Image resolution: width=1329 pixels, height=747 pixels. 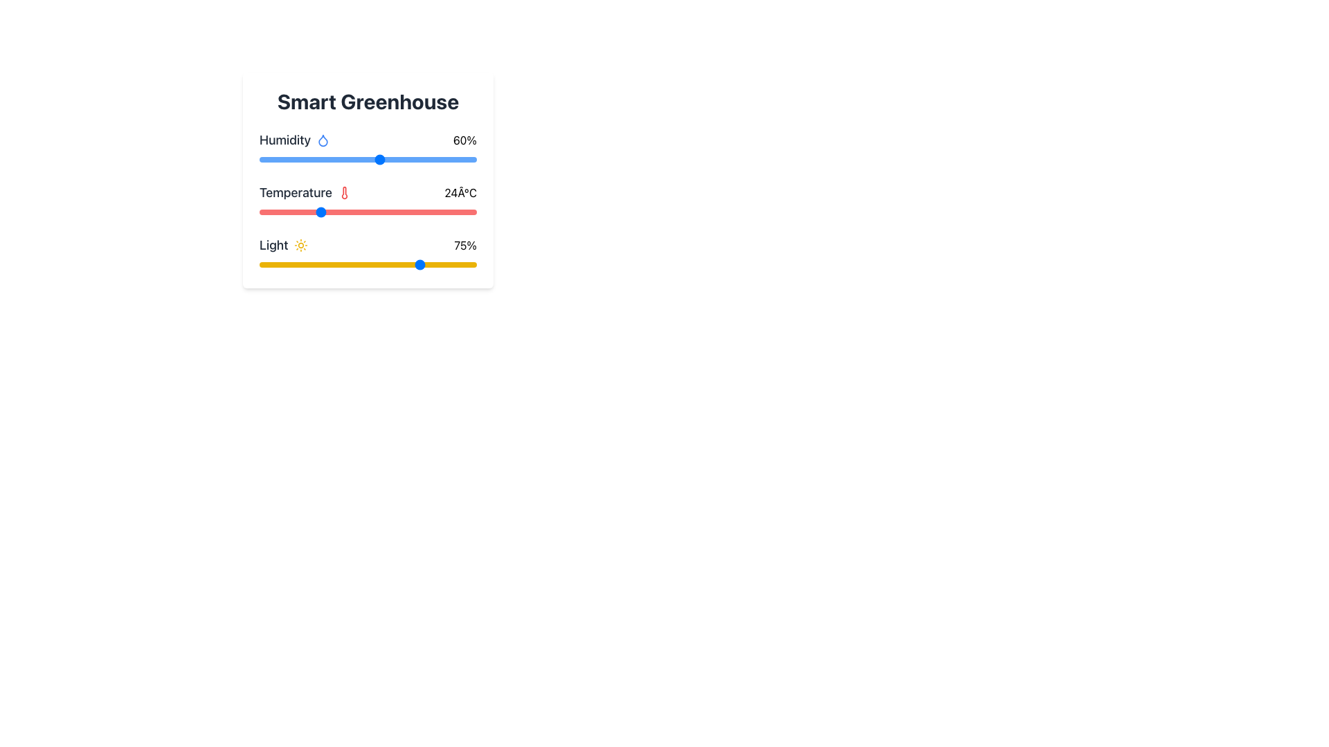 What do you see at coordinates (368, 253) in the screenshot?
I see `the interactive slider labeled 'Light'` at bounding box center [368, 253].